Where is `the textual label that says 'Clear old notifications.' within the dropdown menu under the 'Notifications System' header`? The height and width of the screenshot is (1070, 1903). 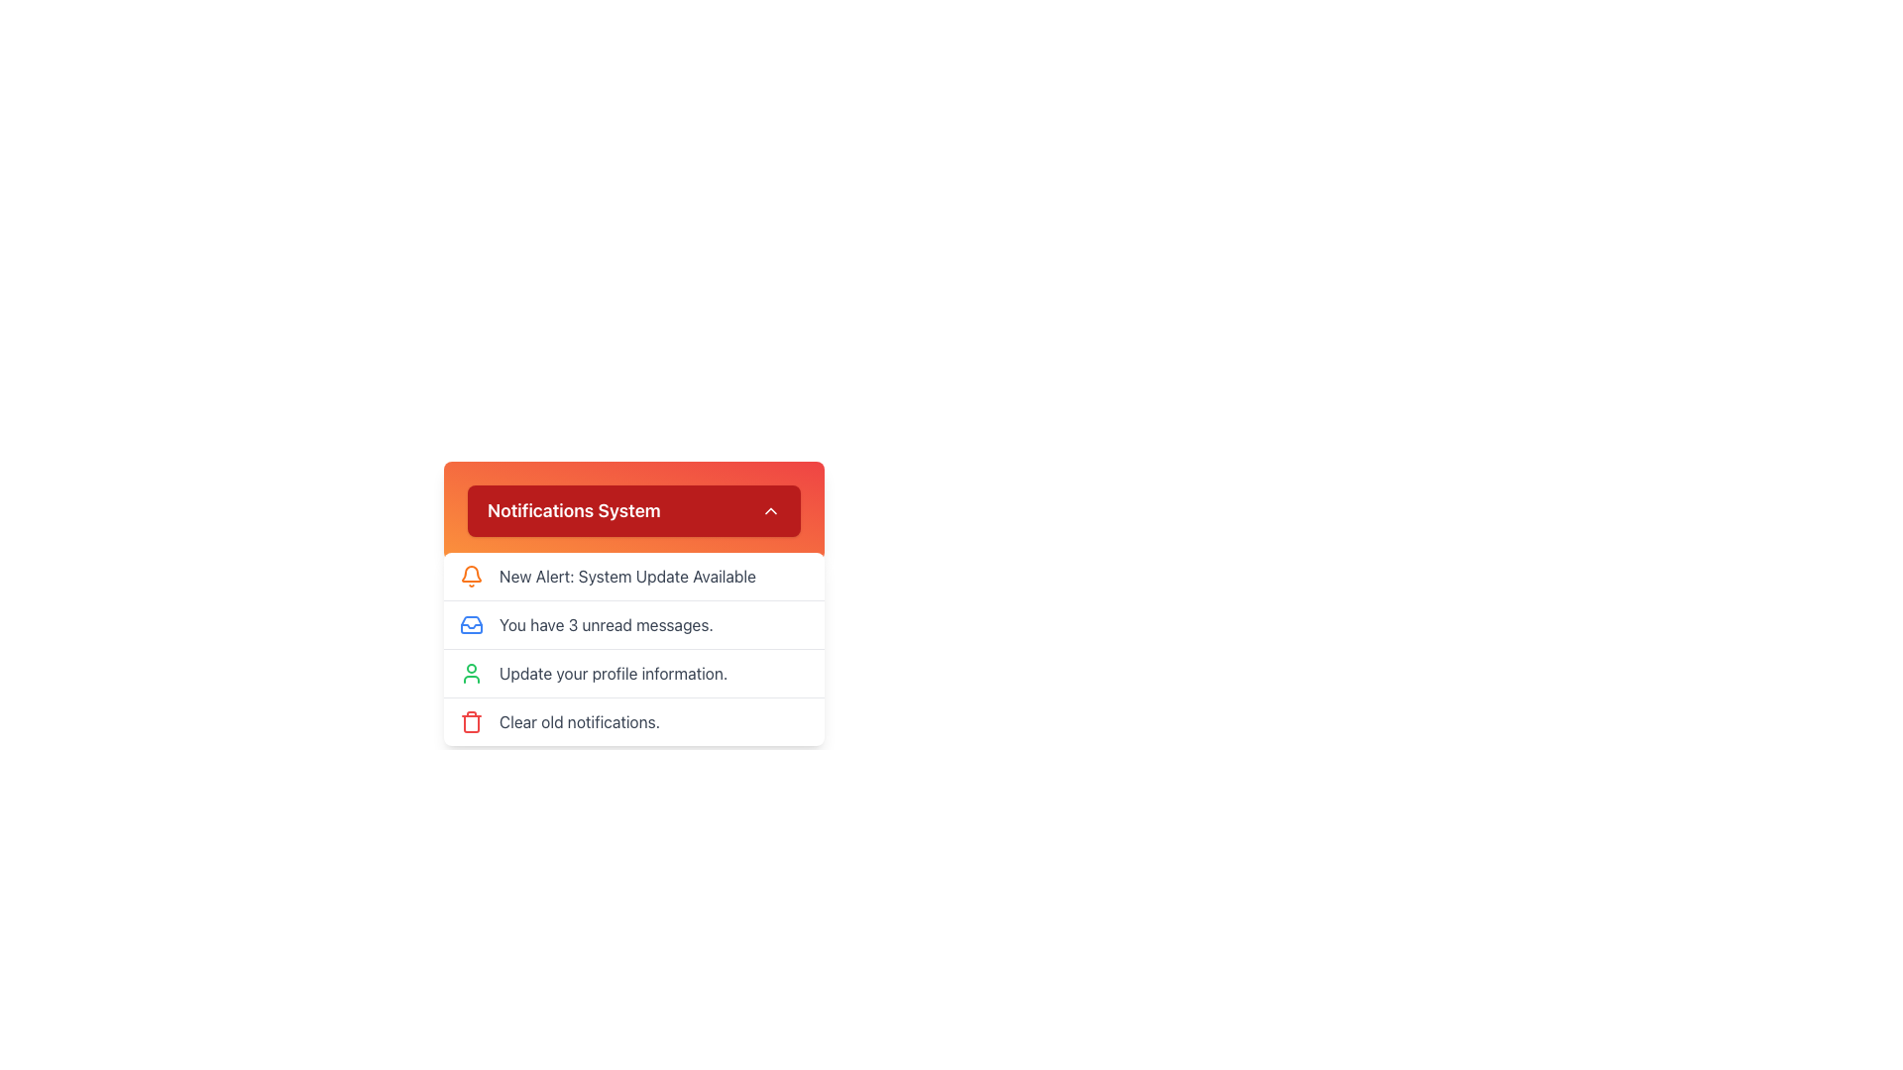 the textual label that says 'Clear old notifications.' within the dropdown menu under the 'Notifications System' header is located at coordinates (579, 722).